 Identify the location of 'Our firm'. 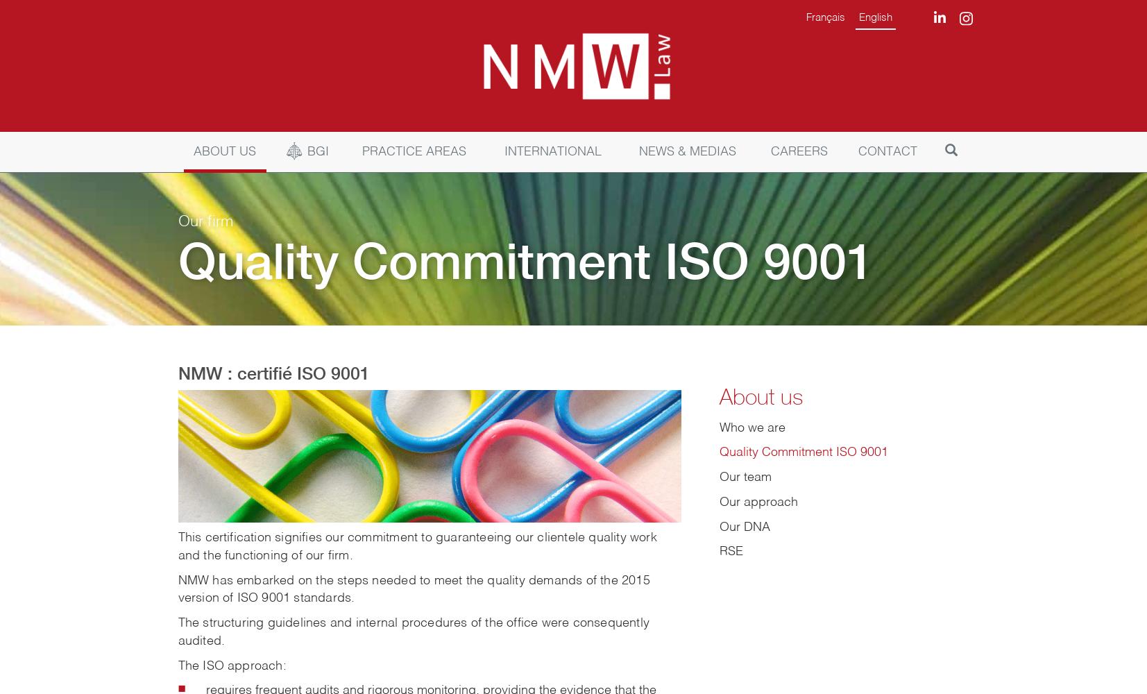
(205, 221).